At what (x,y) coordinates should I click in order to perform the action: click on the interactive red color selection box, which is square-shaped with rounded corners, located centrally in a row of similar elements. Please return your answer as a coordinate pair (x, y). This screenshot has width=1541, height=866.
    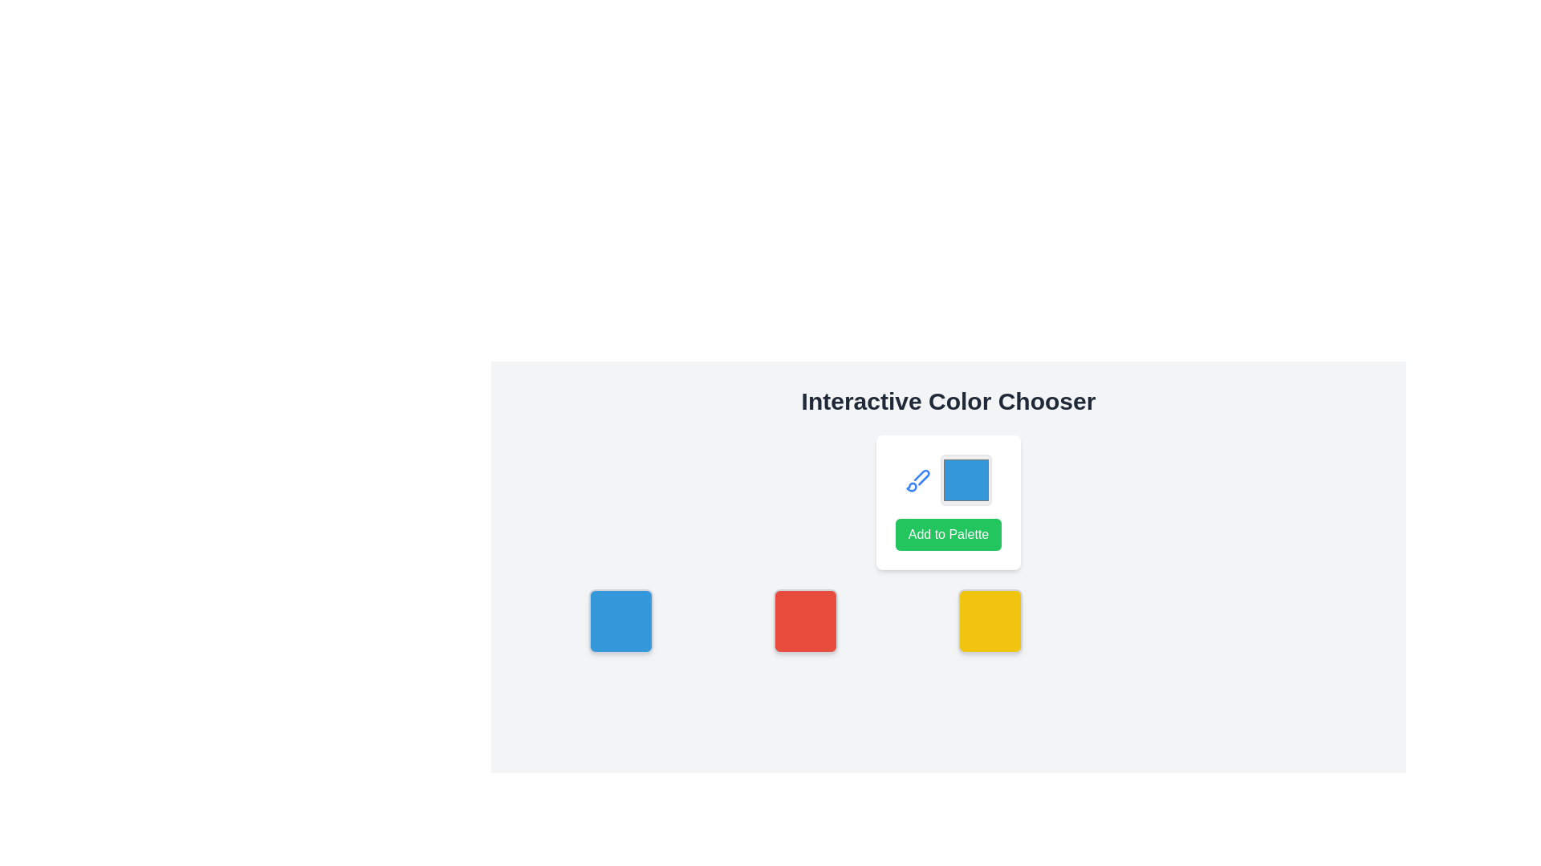
    Looking at the image, I should click on (805, 621).